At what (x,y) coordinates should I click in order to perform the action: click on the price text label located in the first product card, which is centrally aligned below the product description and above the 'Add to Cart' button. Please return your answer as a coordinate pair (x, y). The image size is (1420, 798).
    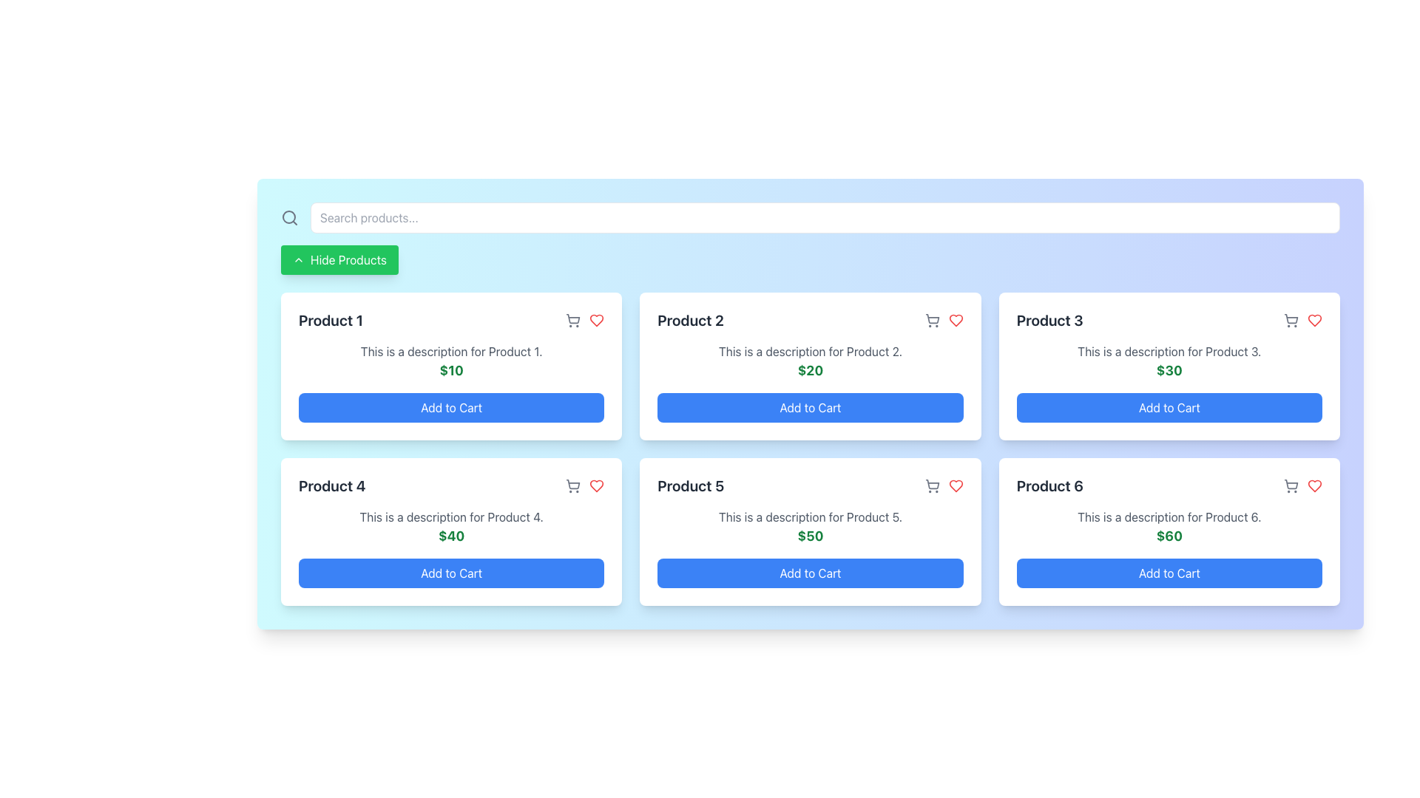
    Looking at the image, I should click on (450, 369).